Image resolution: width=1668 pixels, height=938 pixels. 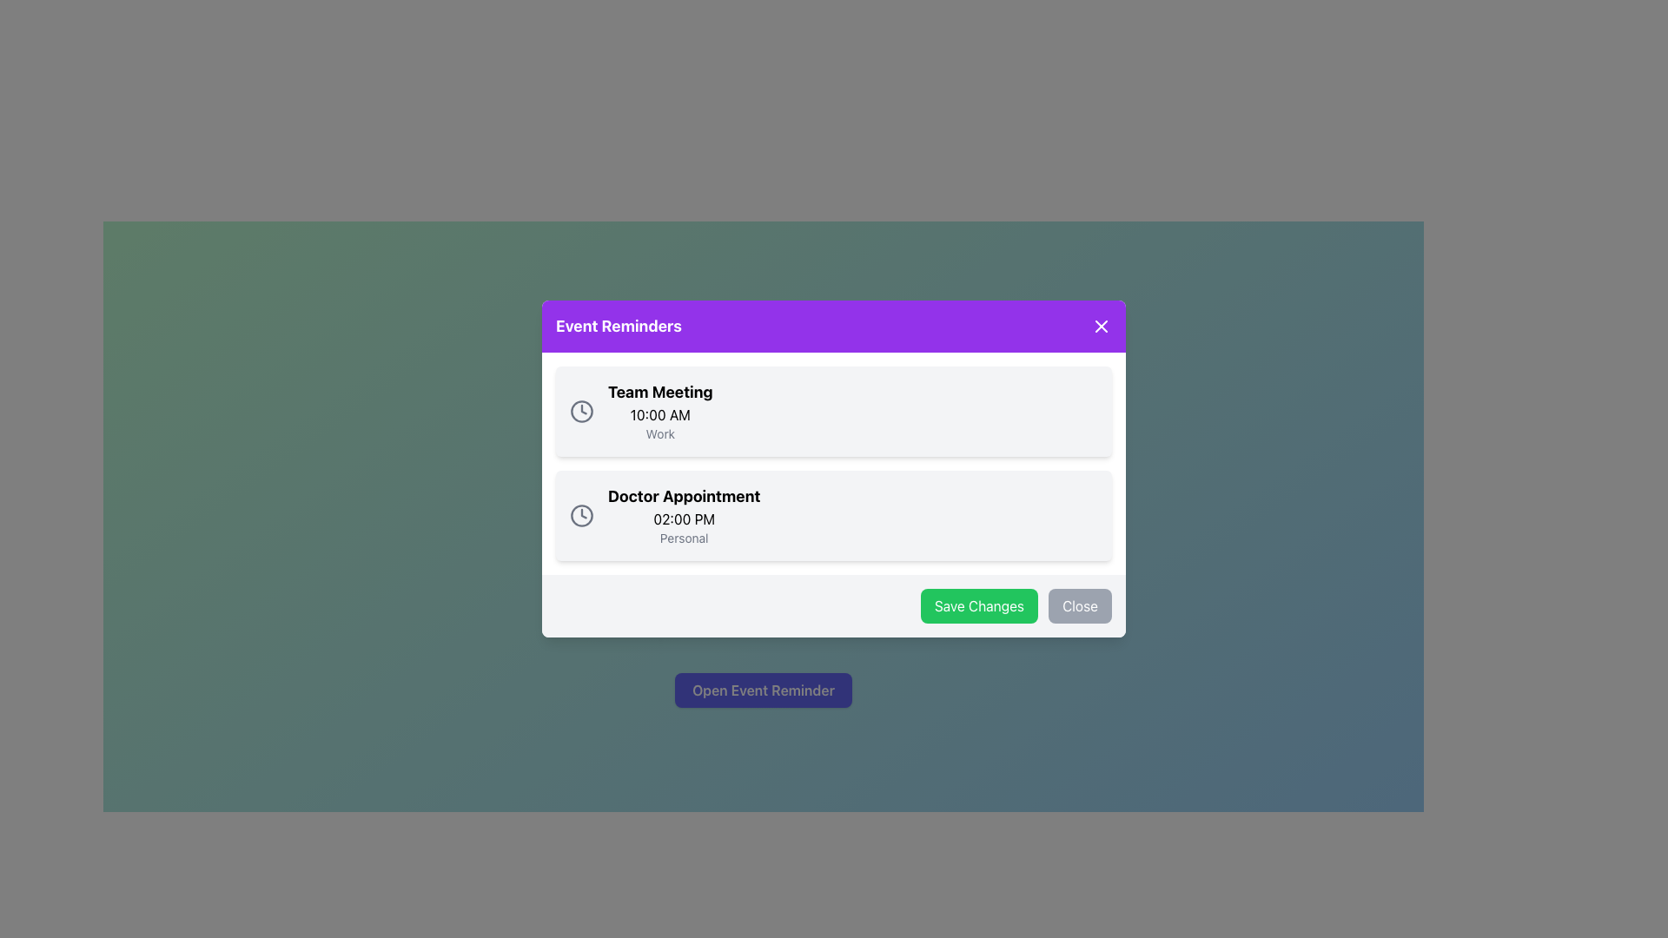 What do you see at coordinates (683, 538) in the screenshot?
I see `the text label displaying 'Personal', which is located under the '02:00 PM' text within the 'Doctor Appointment' group` at bounding box center [683, 538].